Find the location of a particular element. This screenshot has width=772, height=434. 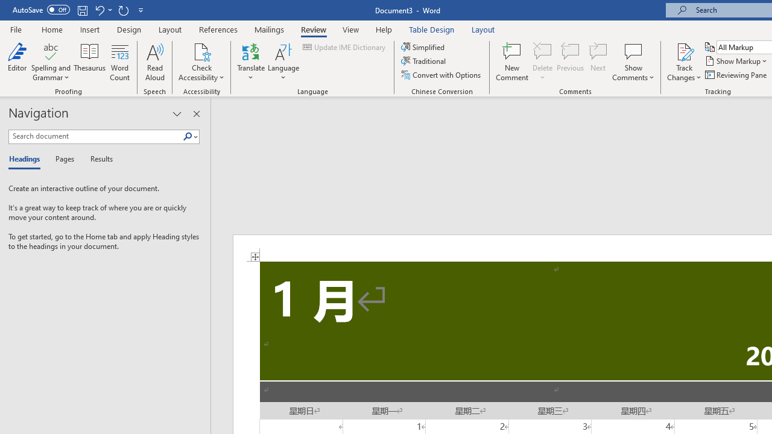

'Track Changes' is located at coordinates (684, 51).